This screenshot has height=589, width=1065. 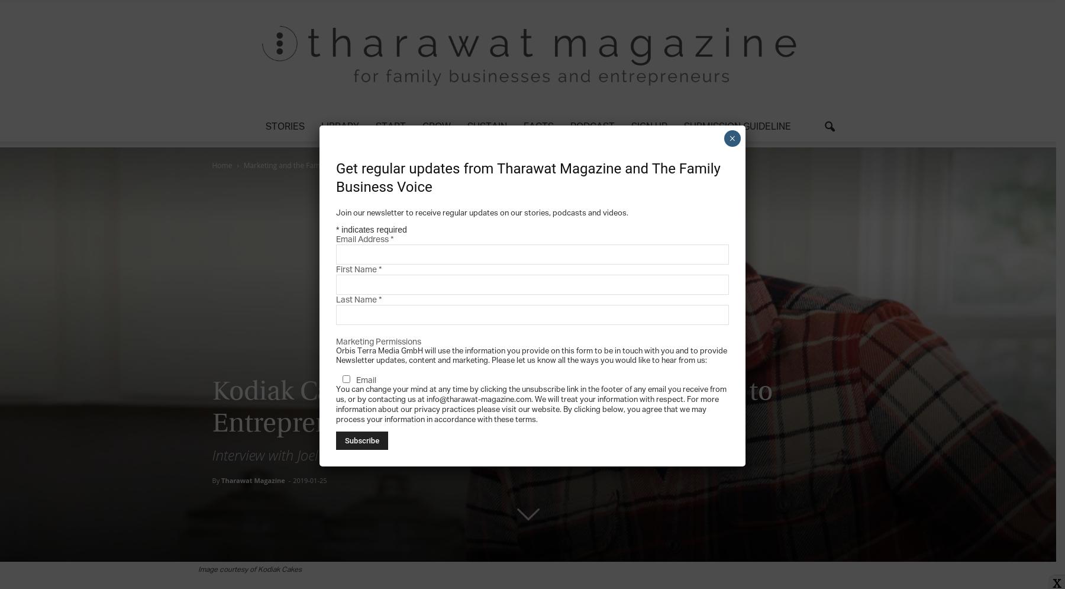 I want to click on 'Email Address', so click(x=363, y=239).